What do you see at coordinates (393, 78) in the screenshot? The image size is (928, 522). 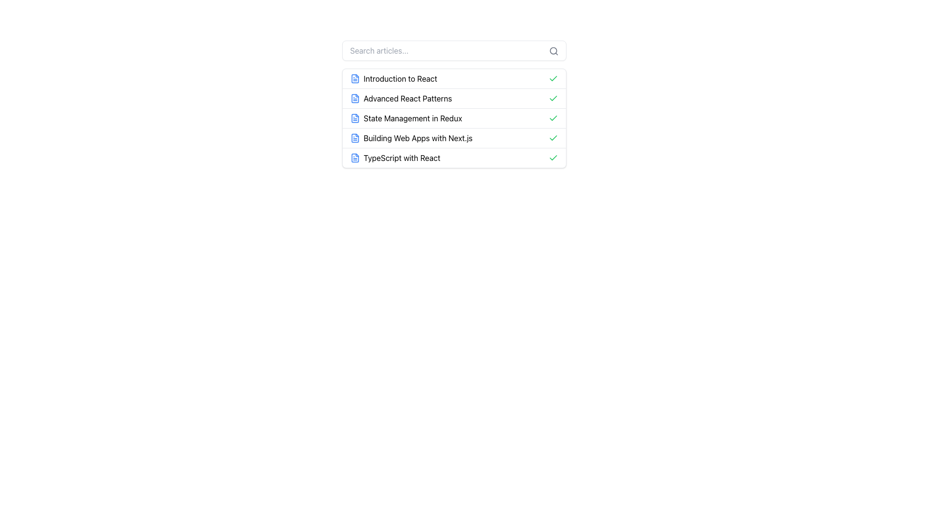 I see `the first list item titled 'Introduction to React'` at bounding box center [393, 78].